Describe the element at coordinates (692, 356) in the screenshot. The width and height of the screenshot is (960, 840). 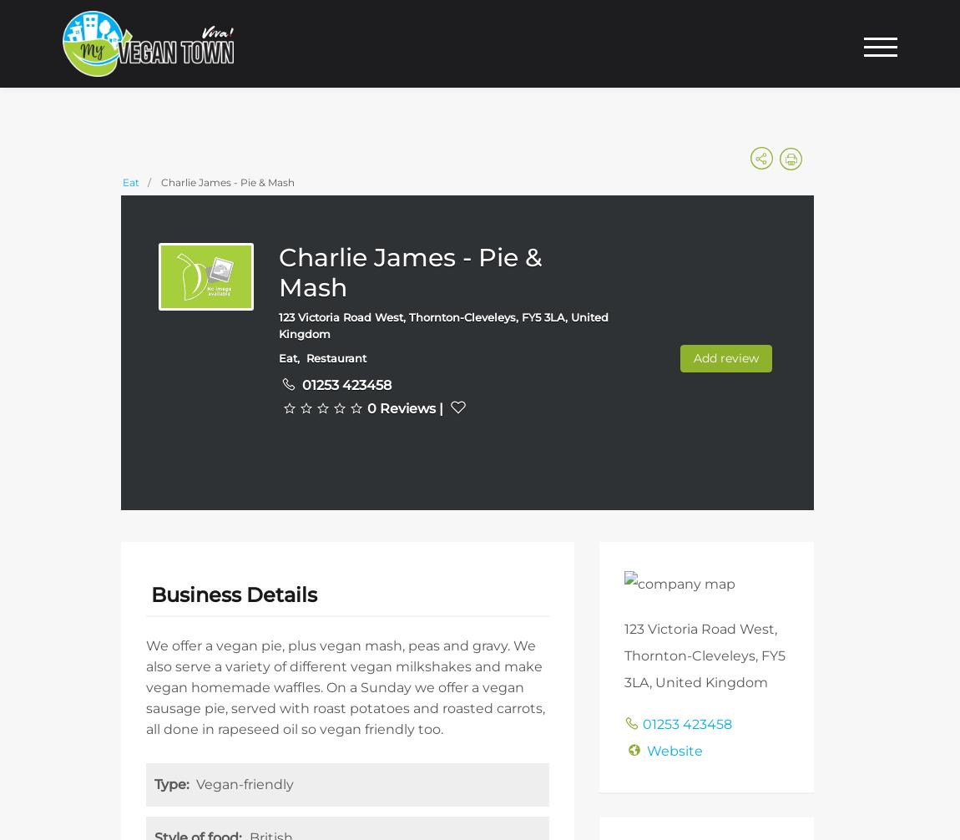
I see `'Add review'` at that location.